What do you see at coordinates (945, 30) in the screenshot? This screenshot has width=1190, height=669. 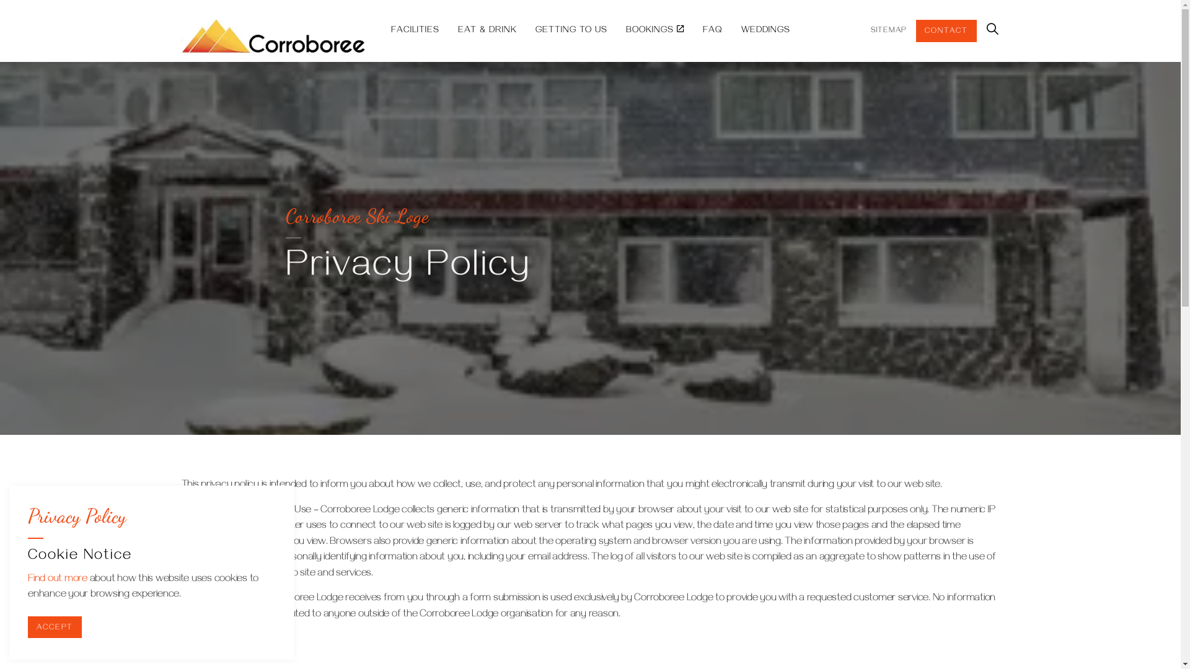 I see `'CONTACT'` at bounding box center [945, 30].